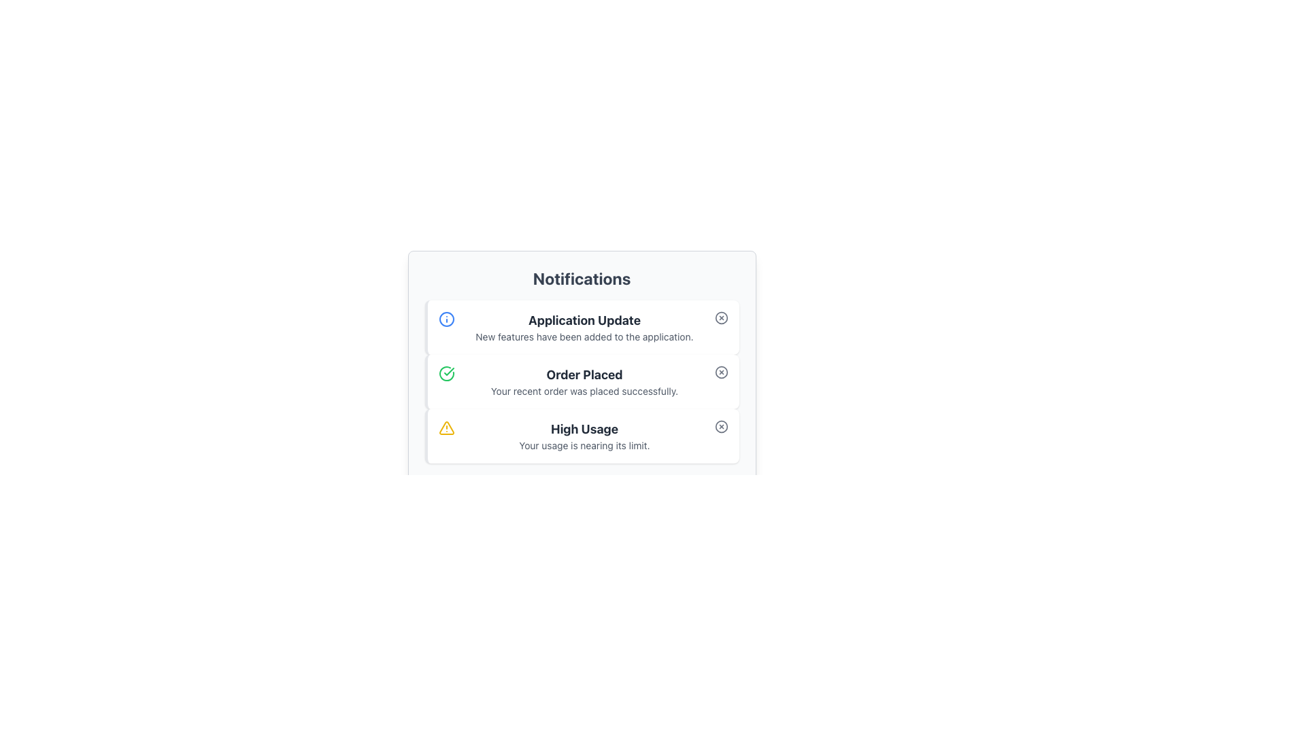 The image size is (1306, 734). I want to click on the triangular warning icon with a yellow border and an exclamation mark located in the notification block titled 'High Usage.', so click(446, 427).